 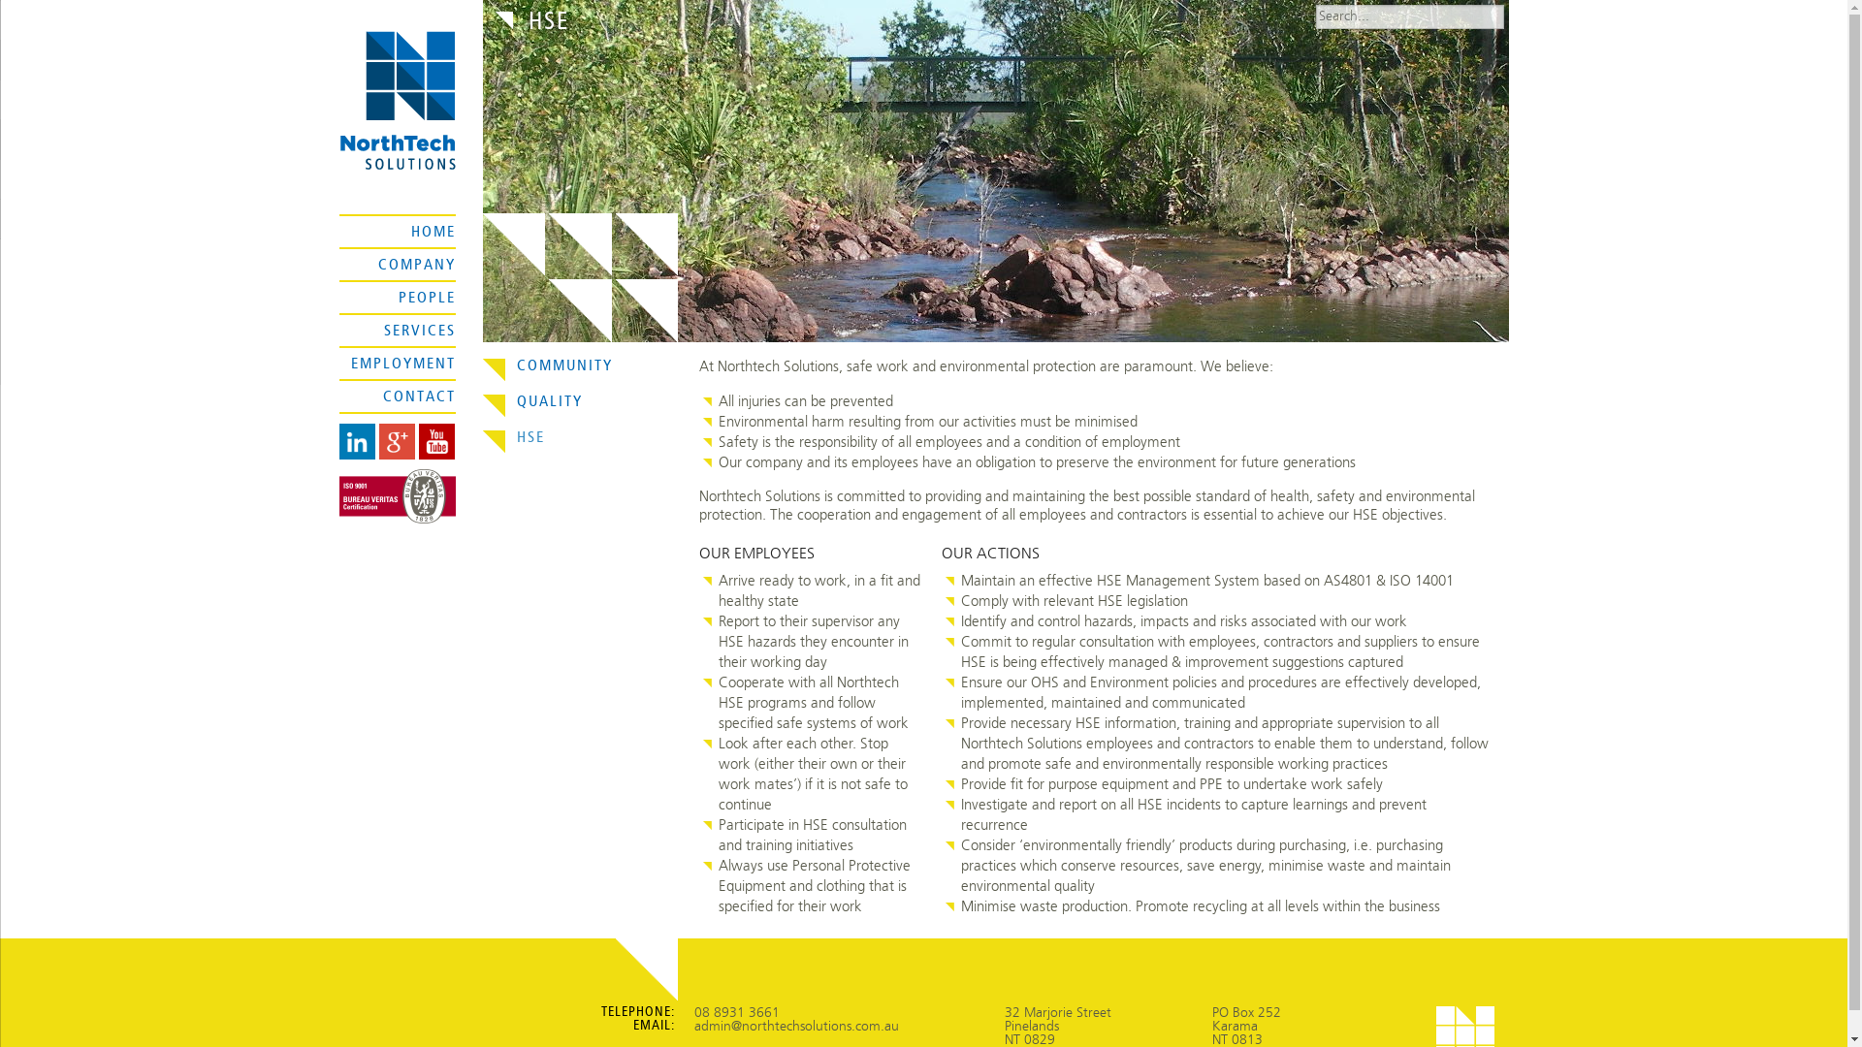 I want to click on 'COMPANY', so click(x=416, y=265).